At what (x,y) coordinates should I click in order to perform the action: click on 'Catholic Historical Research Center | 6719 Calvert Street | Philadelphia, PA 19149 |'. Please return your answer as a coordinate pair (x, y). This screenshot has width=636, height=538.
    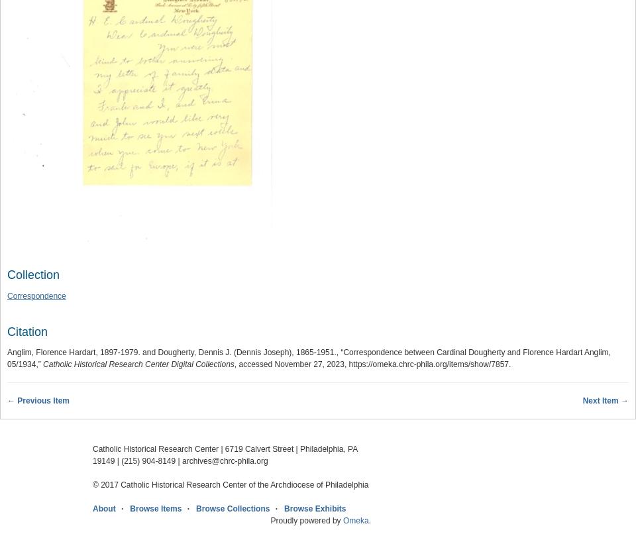
    Looking at the image, I should click on (225, 455).